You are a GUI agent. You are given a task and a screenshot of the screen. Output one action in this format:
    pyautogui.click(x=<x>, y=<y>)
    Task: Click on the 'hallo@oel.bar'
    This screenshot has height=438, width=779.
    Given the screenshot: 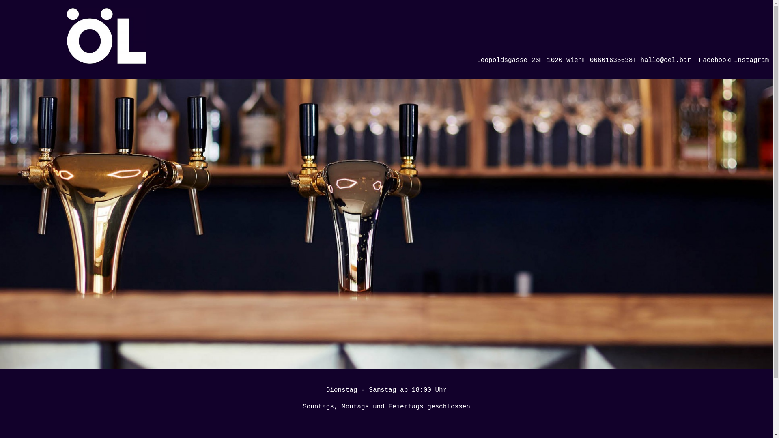 What is the action you would take?
    pyautogui.click(x=667, y=60)
    